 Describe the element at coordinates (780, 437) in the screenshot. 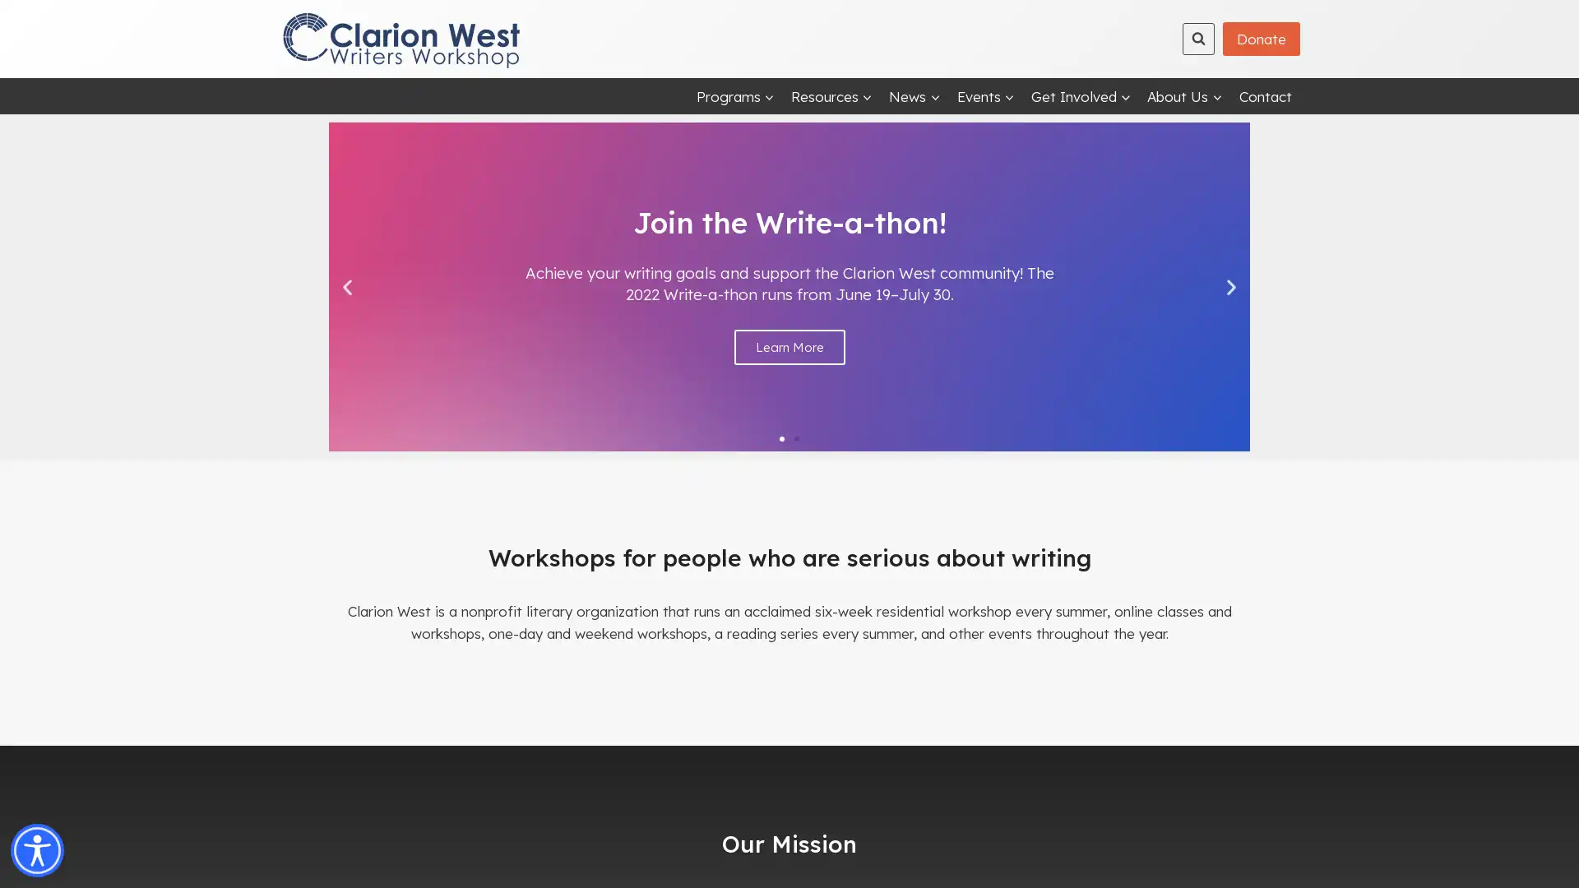

I see `Go to slide 1` at that location.